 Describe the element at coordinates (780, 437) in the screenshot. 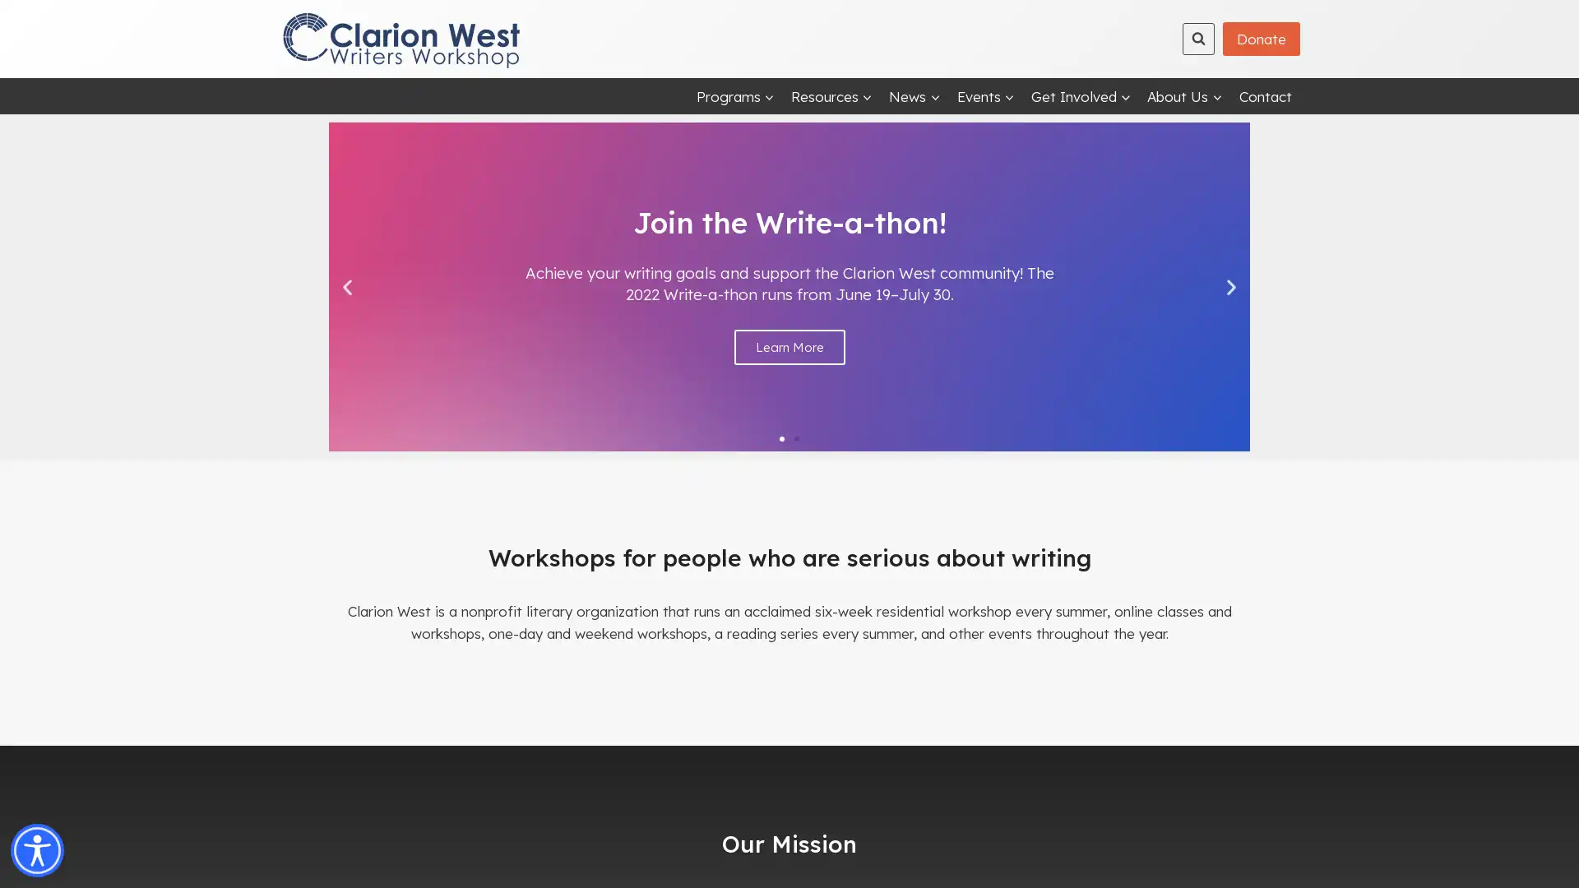

I see `Go to slide 1` at that location.